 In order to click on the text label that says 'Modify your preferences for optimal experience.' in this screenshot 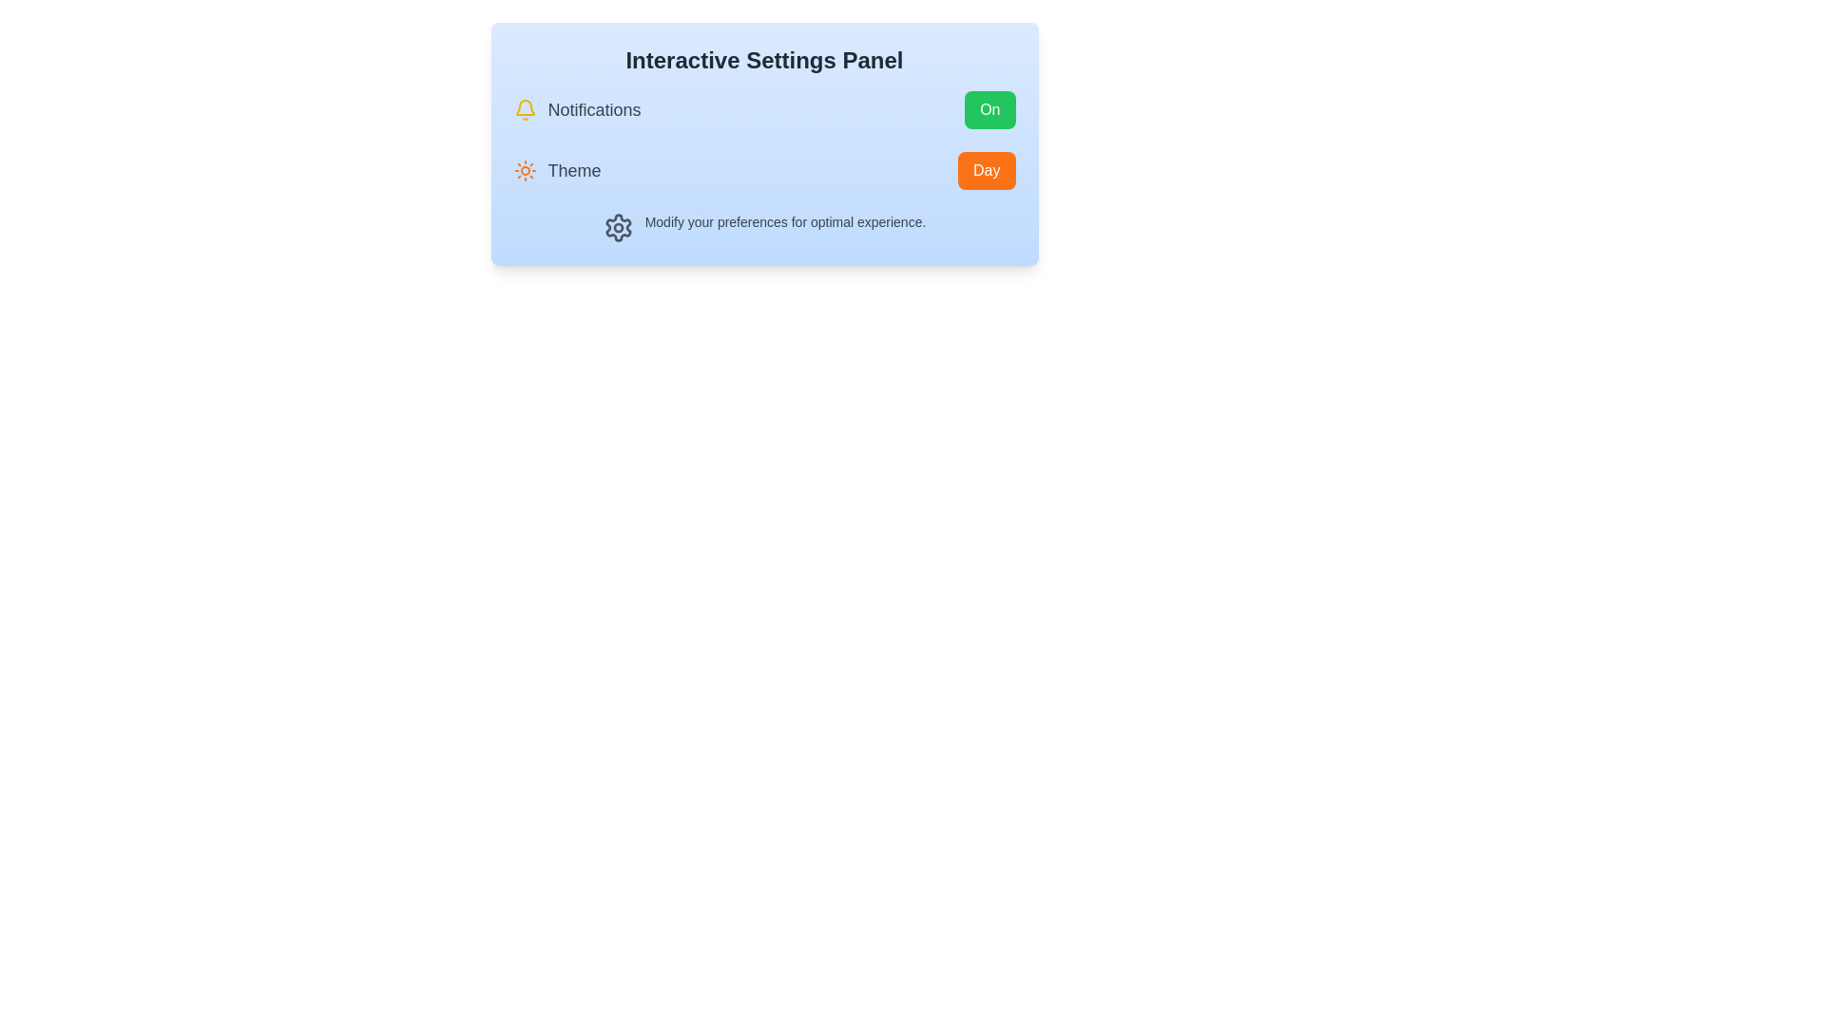, I will do `click(785, 226)`.